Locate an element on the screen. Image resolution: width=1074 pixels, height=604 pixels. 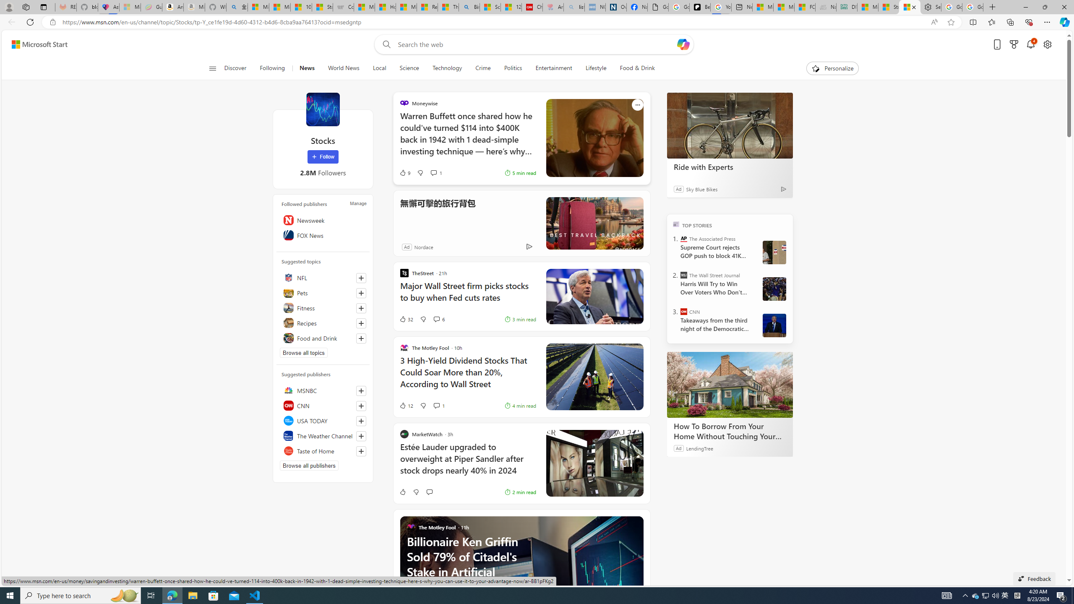
'MSNBC' is located at coordinates (323, 390).